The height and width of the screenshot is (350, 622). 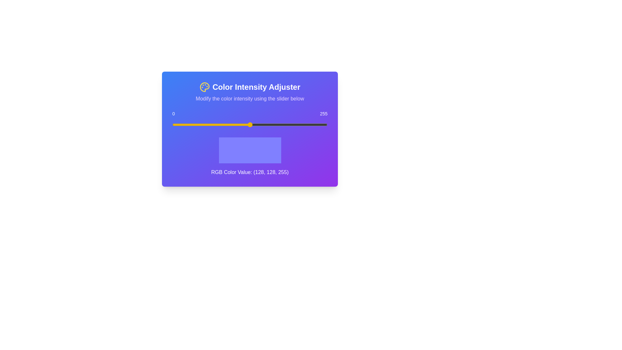 I want to click on the slider to set the color intensity to 129, so click(x=250, y=125).